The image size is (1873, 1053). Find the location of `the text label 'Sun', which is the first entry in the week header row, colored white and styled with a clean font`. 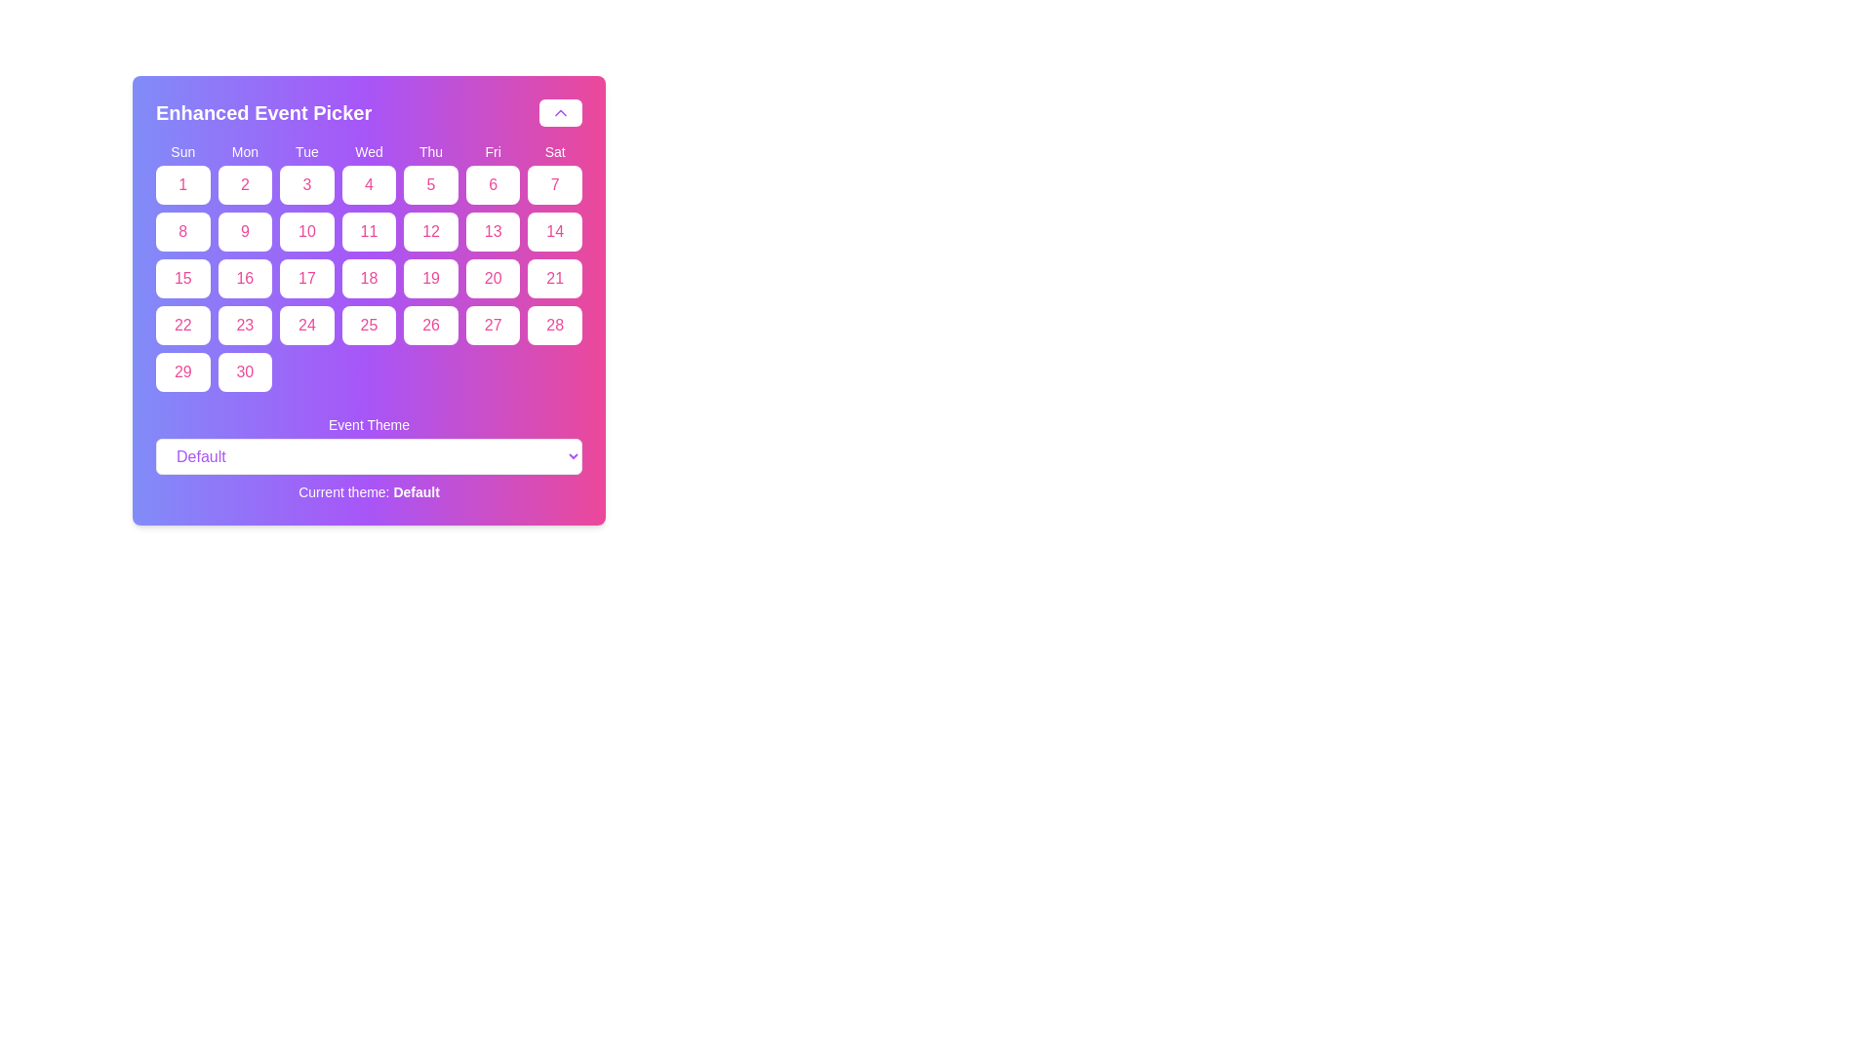

the text label 'Sun', which is the first entry in the week header row, colored white and styled with a clean font is located at coordinates (182, 150).